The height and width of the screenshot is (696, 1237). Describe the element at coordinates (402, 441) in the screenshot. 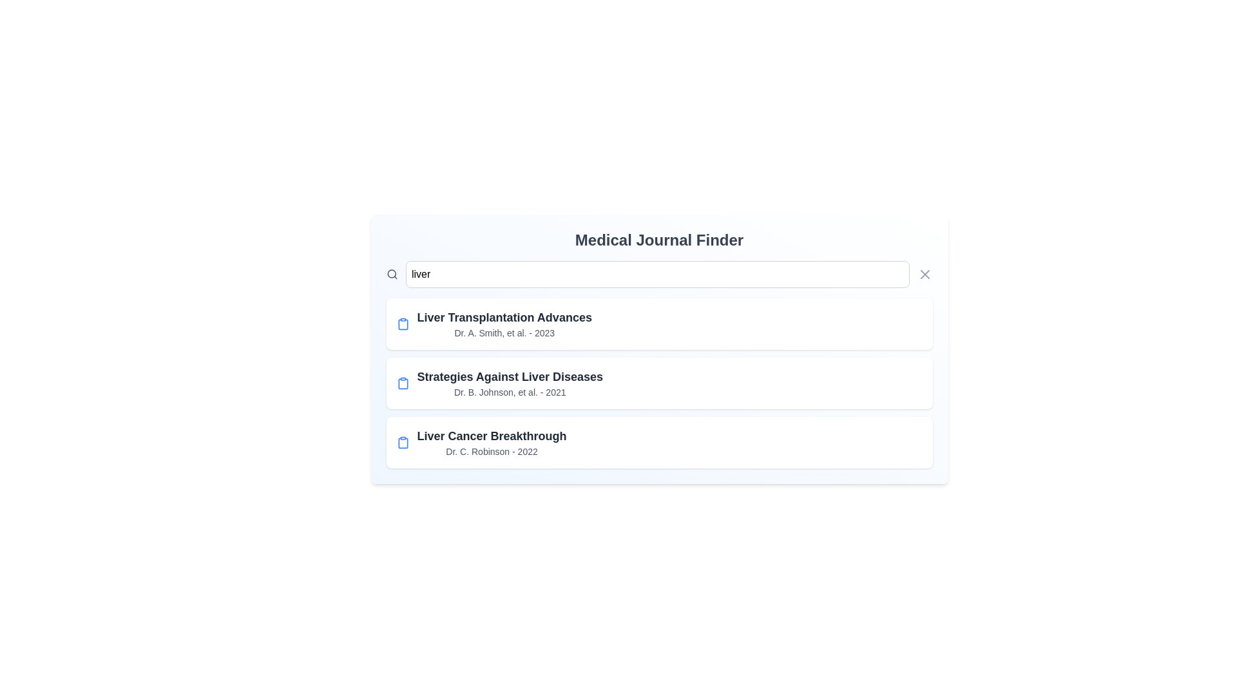

I see `the clipboard icon, which is styled in blue and located to the left of the text 'Liver Cancer Breakthrough' by Dr. C. Robinson` at that location.